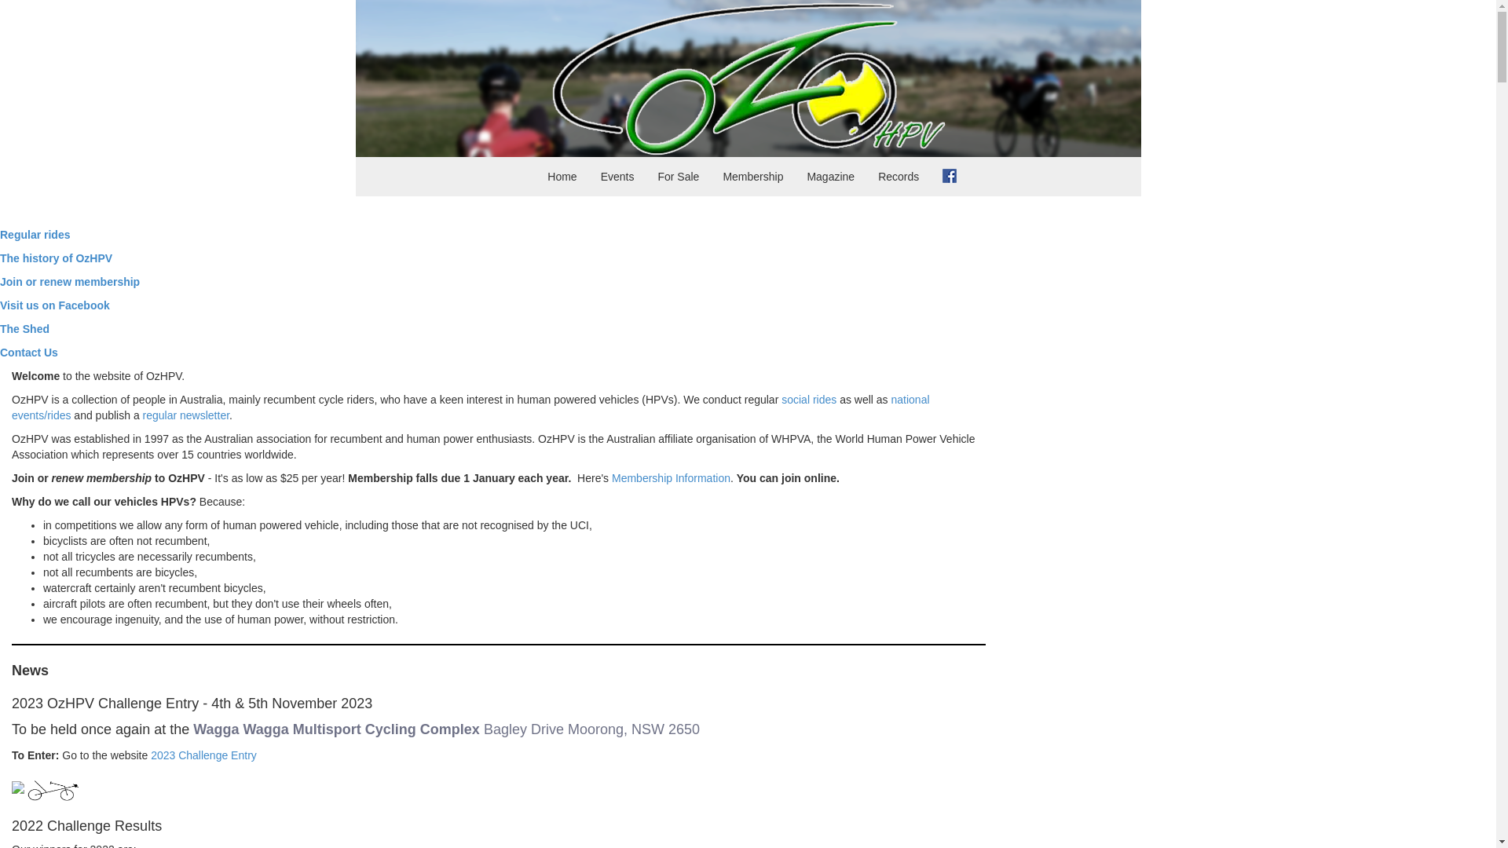  I want to click on 'Membership Information', so click(671, 477).